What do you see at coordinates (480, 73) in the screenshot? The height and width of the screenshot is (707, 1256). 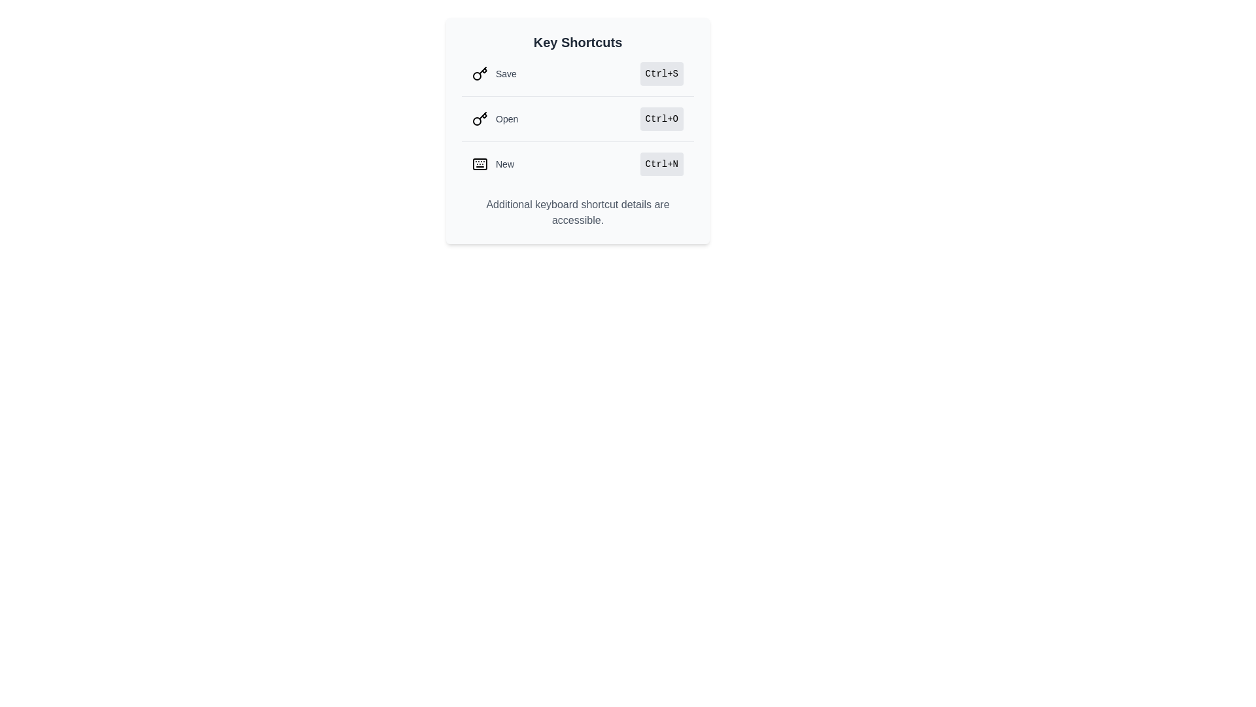 I see `the small circular key icon located to the left of the 'Save' text label in the shortcut actions list` at bounding box center [480, 73].